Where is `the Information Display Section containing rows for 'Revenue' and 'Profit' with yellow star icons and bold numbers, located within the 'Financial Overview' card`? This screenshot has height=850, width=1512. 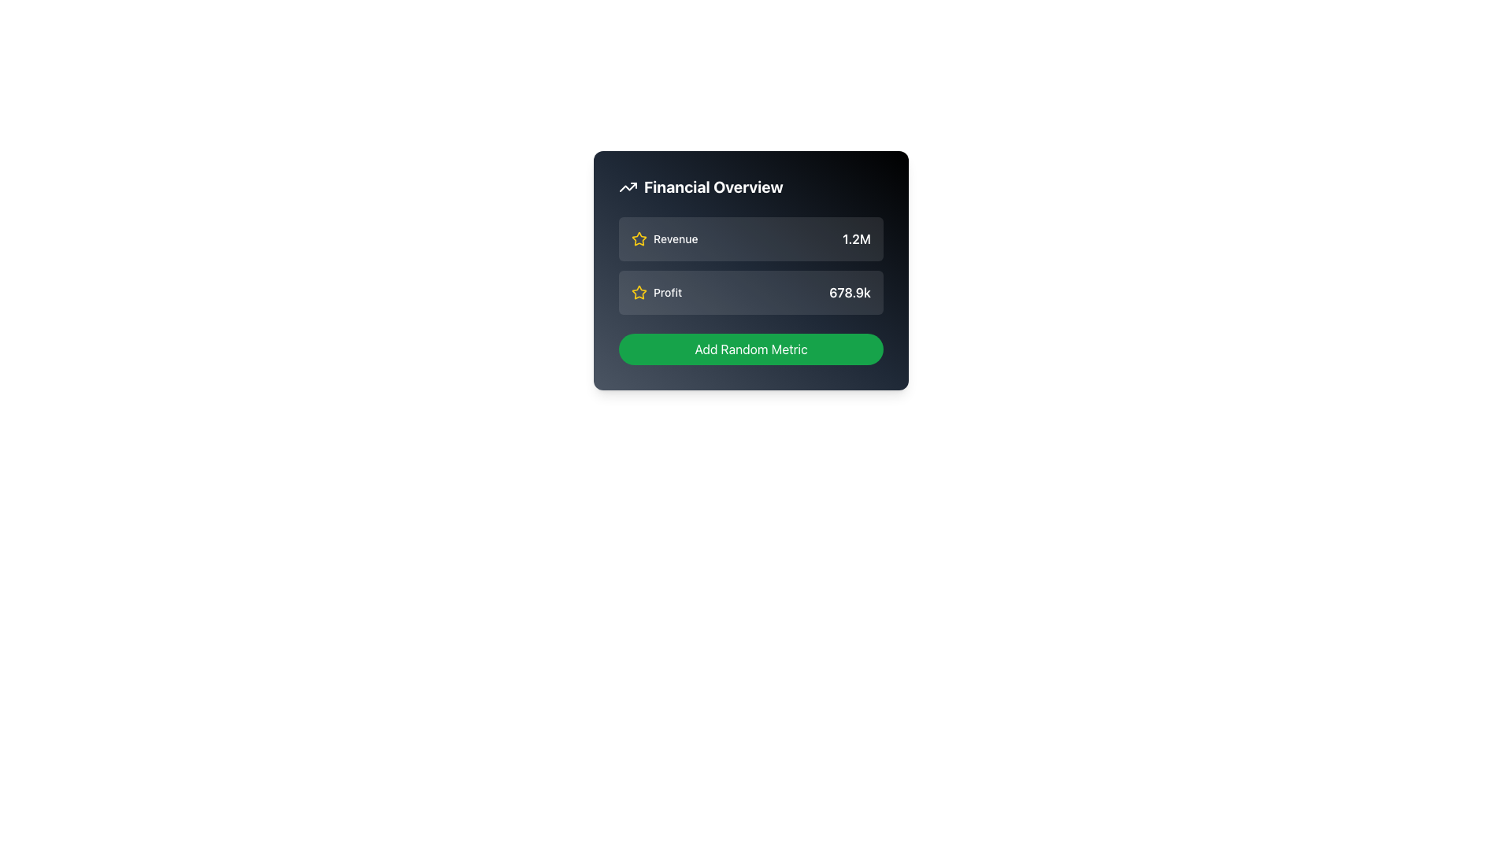
the Information Display Section containing rows for 'Revenue' and 'Profit' with yellow star icons and bold numbers, located within the 'Financial Overview' card is located at coordinates (750, 265).